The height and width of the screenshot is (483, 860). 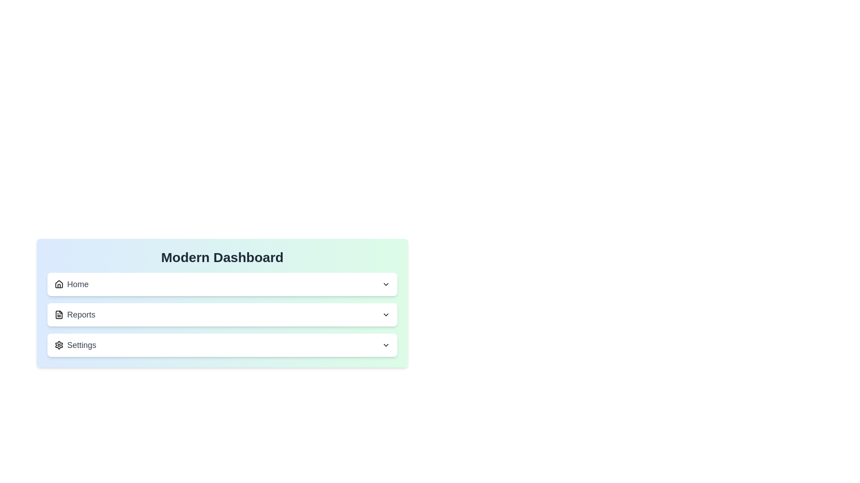 I want to click on the house icon located at the top-left of the navigation bar, so click(x=59, y=284).